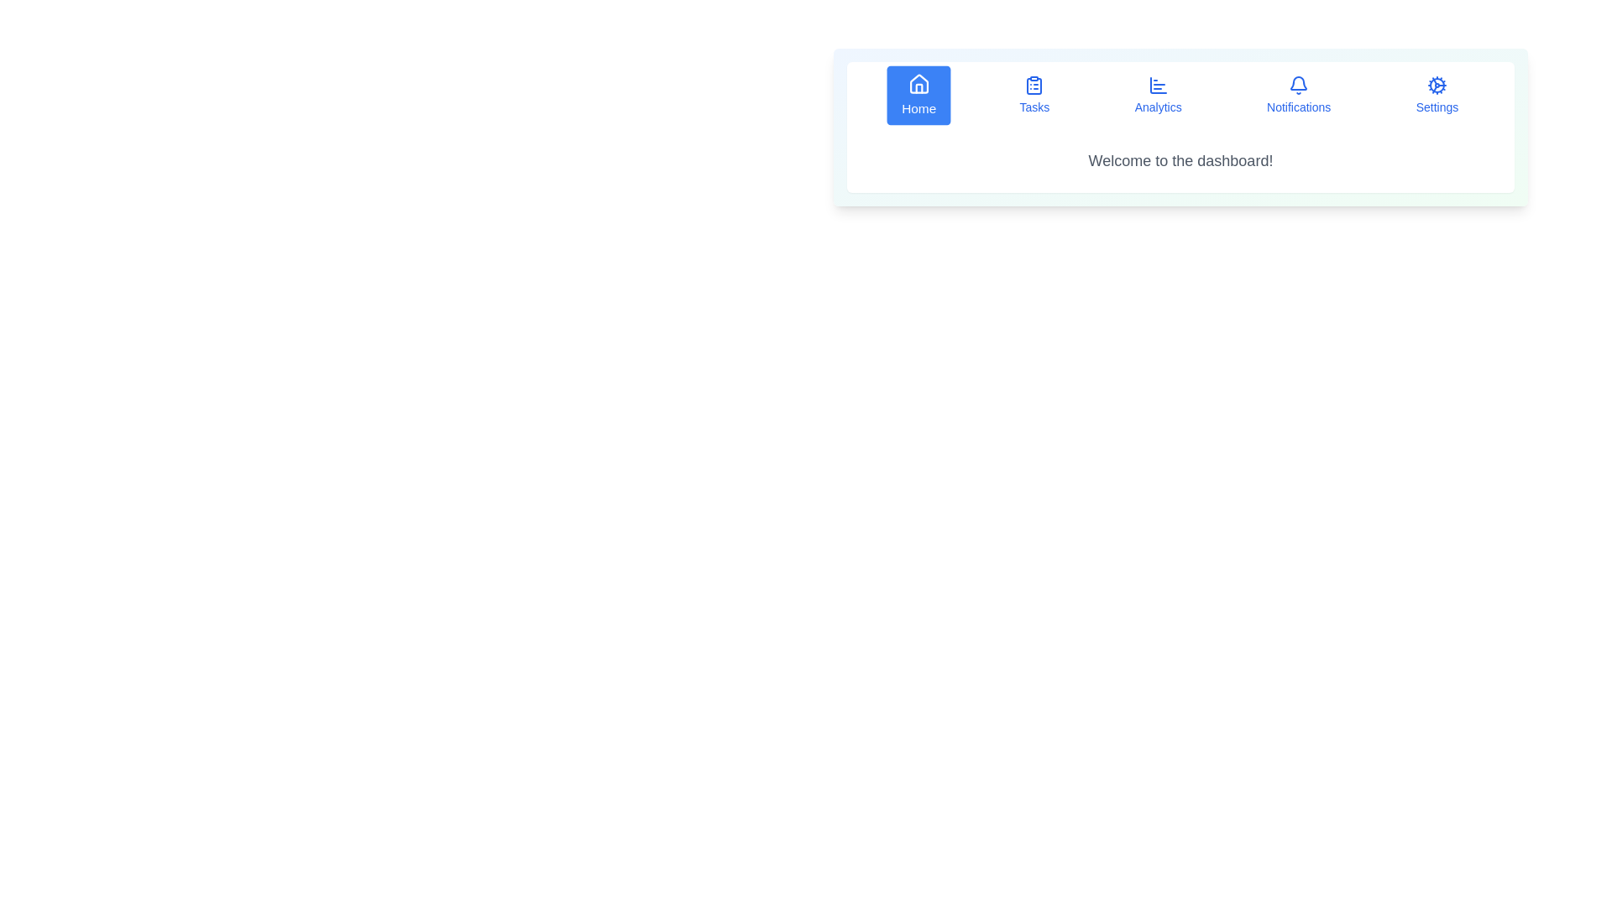 This screenshot has height=906, width=1612. Describe the element at coordinates (1298, 96) in the screenshot. I see `the Notifications tab by clicking on its corresponding button` at that location.